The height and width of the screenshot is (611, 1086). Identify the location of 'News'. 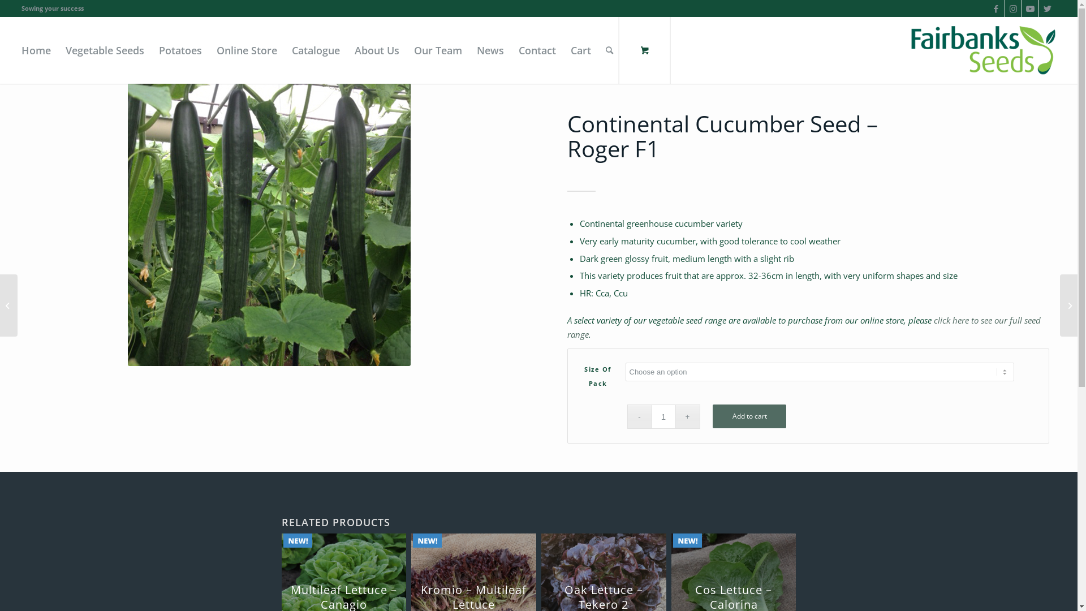
(490, 49).